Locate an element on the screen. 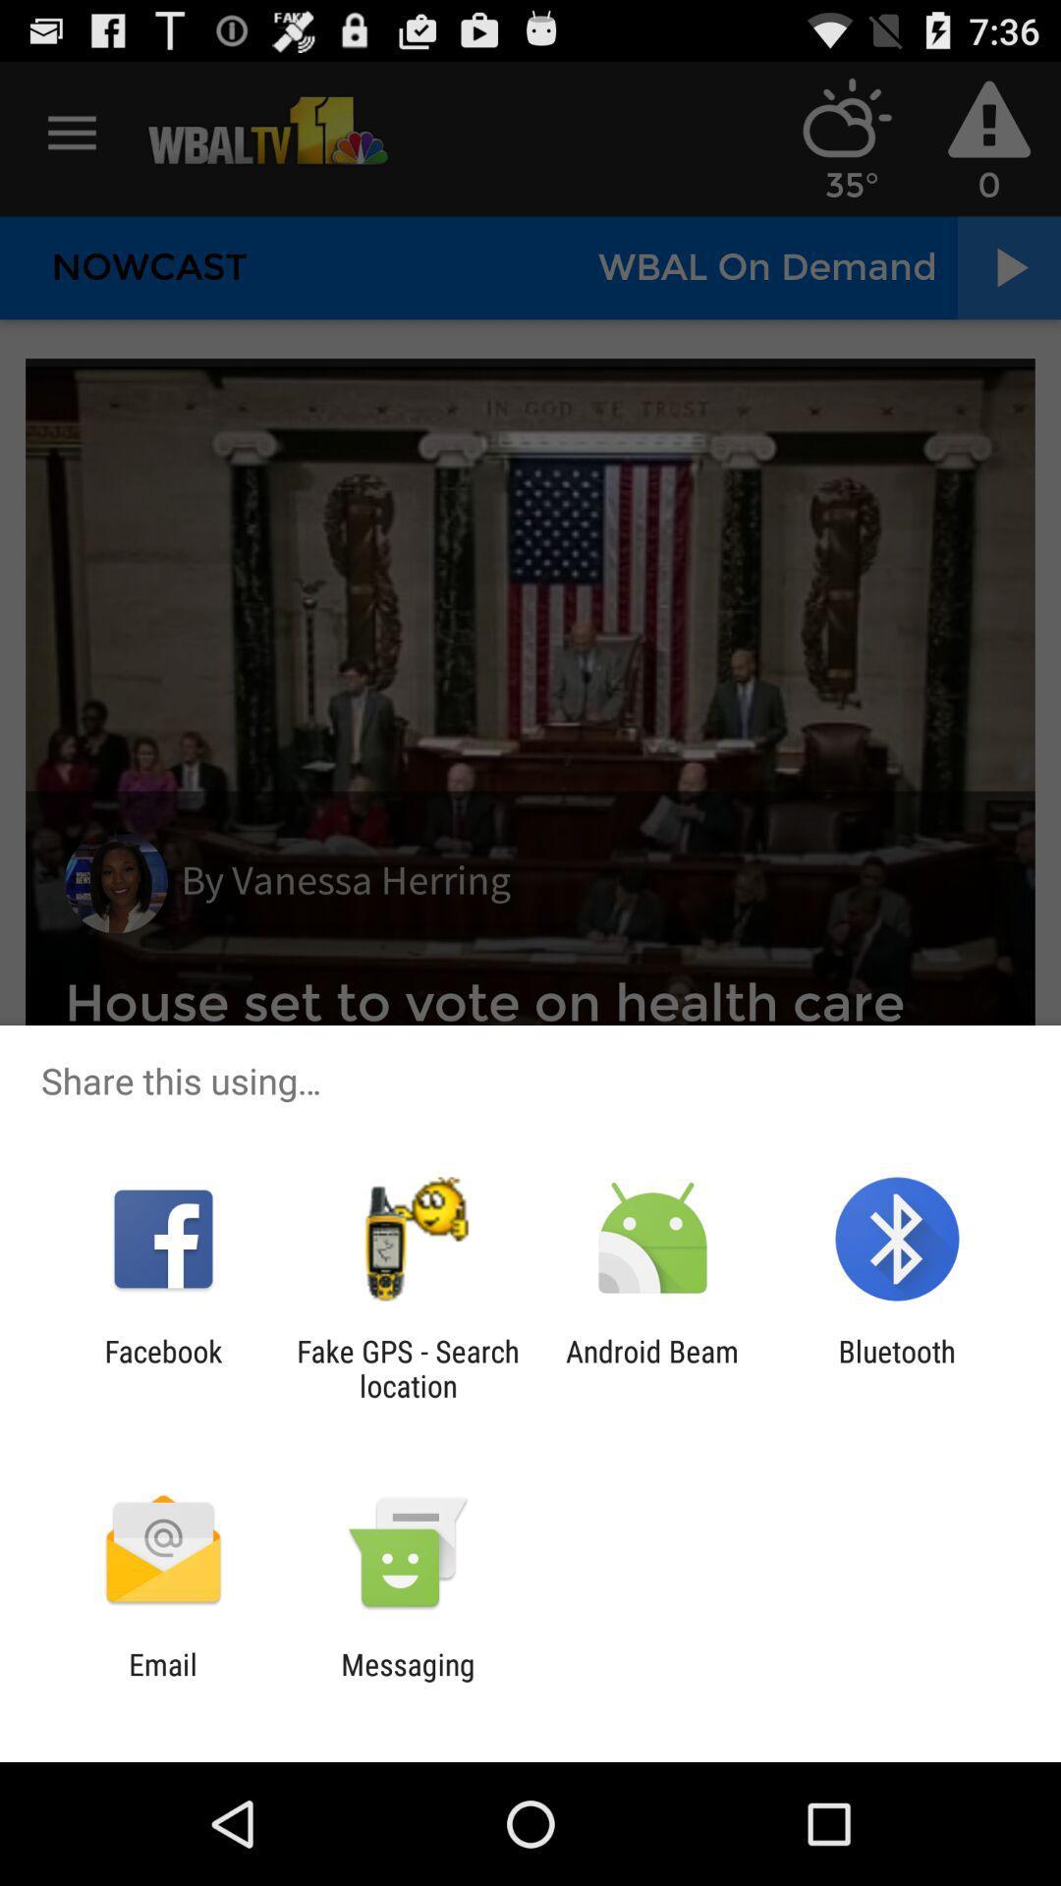 The height and width of the screenshot is (1886, 1061). item next to the facebook item is located at coordinates (407, 1367).